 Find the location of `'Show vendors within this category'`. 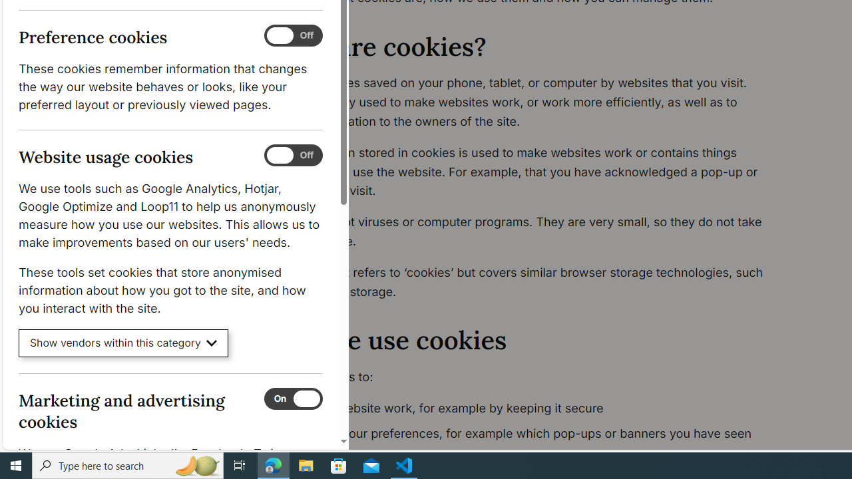

'Show vendors within this category' is located at coordinates (123, 343).